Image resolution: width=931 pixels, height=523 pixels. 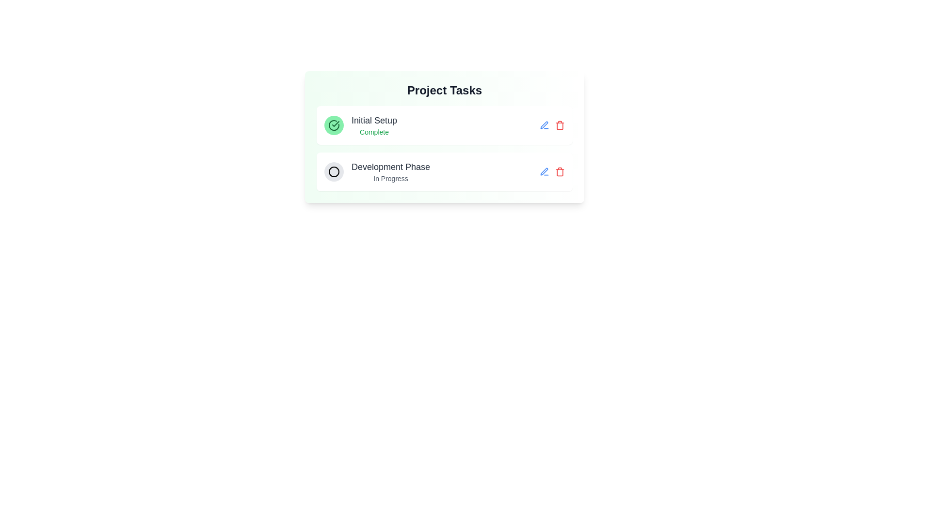 I want to click on displayed status of the Task Indicator indicating the progress of the 'Initial Setup' task, which is the first item in the vertical task list under 'Project Tasks', so click(x=360, y=124).